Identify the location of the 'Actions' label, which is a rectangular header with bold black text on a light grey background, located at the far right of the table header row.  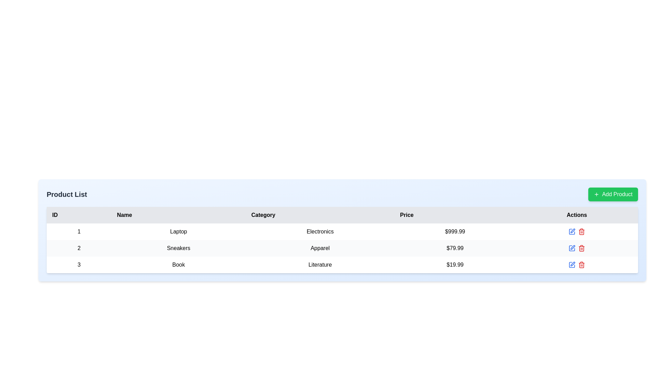
(577, 215).